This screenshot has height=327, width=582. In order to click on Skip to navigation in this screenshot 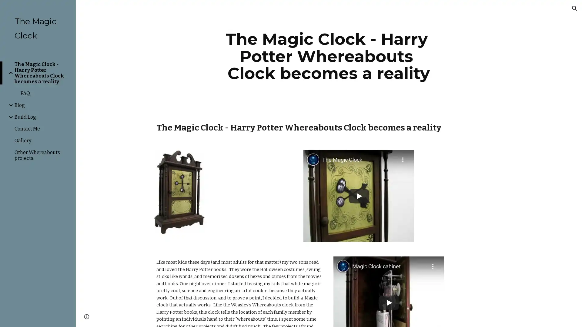, I will do `click(345, 11)`.